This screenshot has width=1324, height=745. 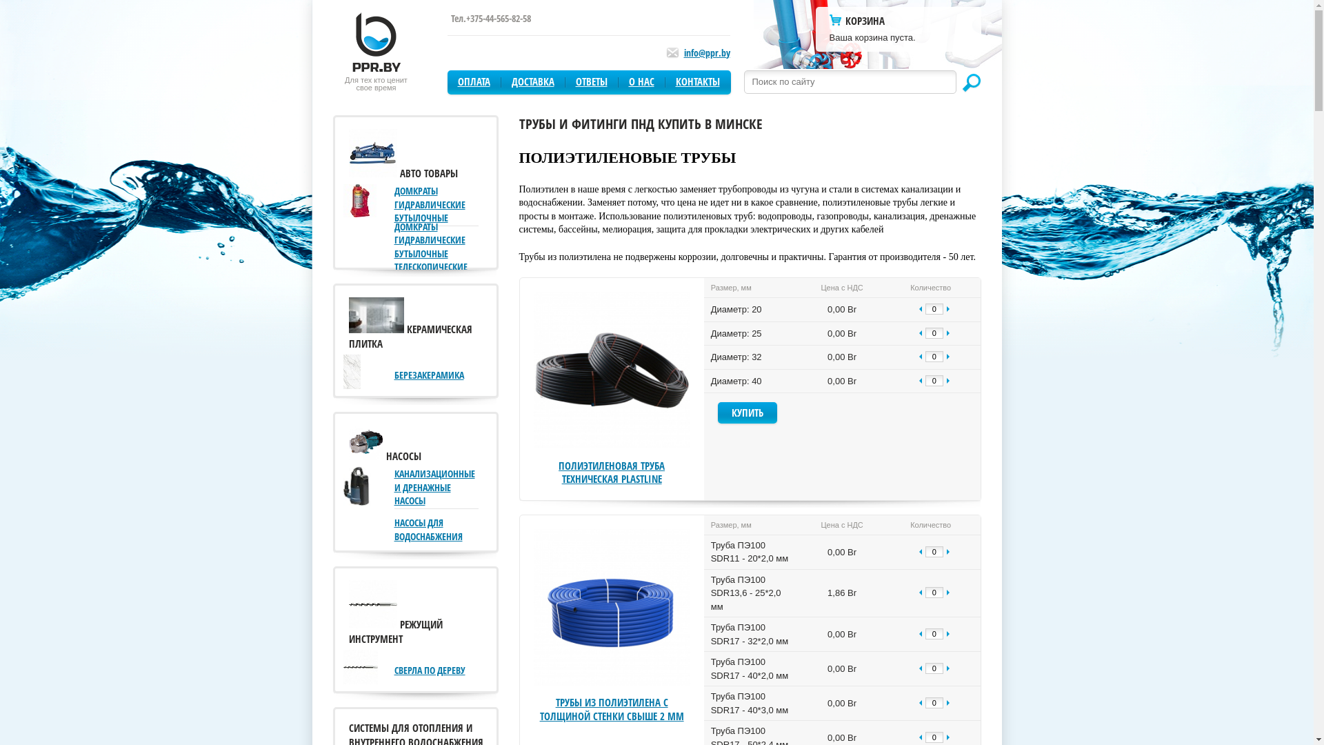 I want to click on '-', so click(x=920, y=356).